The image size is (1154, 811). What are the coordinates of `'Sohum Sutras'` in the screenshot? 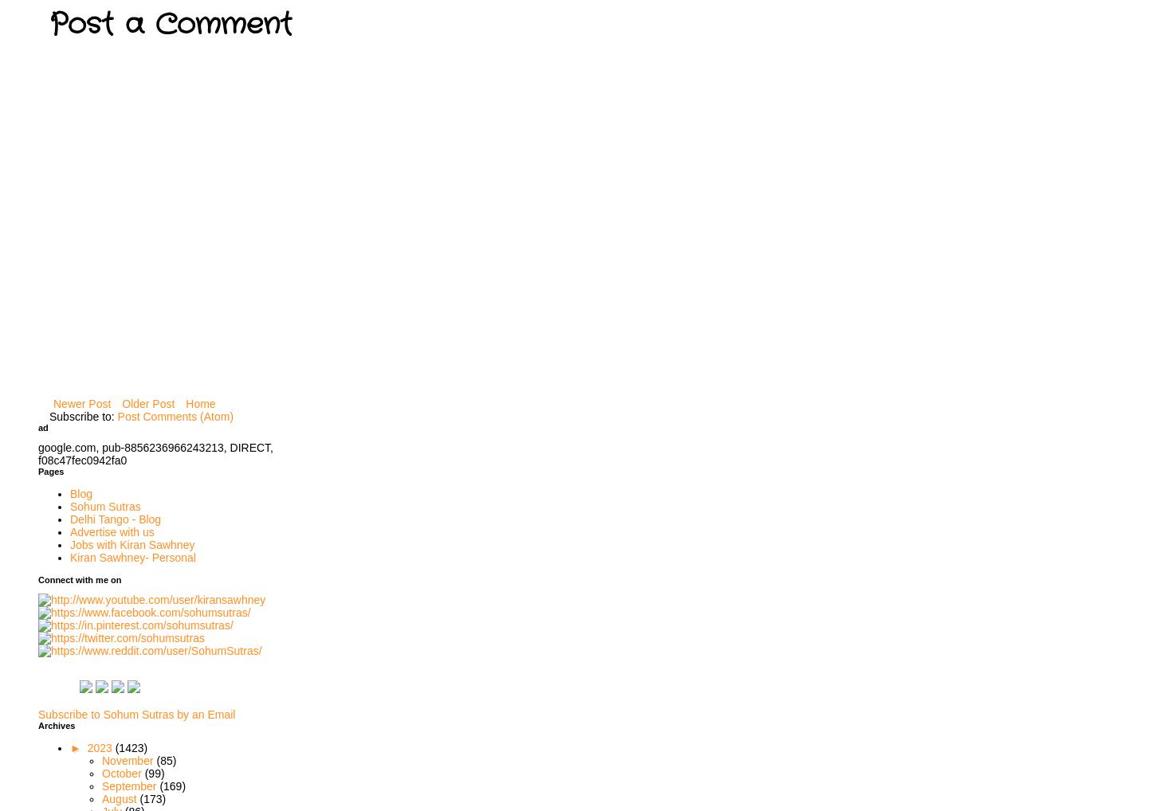 It's located at (104, 505).